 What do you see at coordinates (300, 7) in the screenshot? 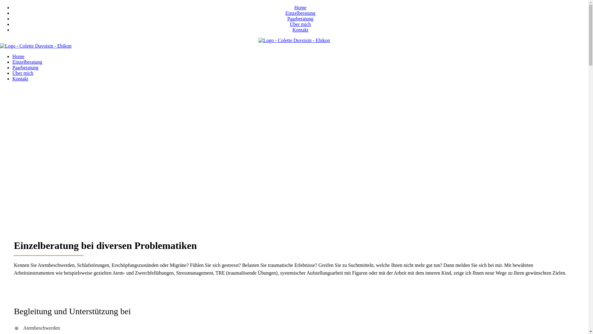
I see `'Home'` at bounding box center [300, 7].